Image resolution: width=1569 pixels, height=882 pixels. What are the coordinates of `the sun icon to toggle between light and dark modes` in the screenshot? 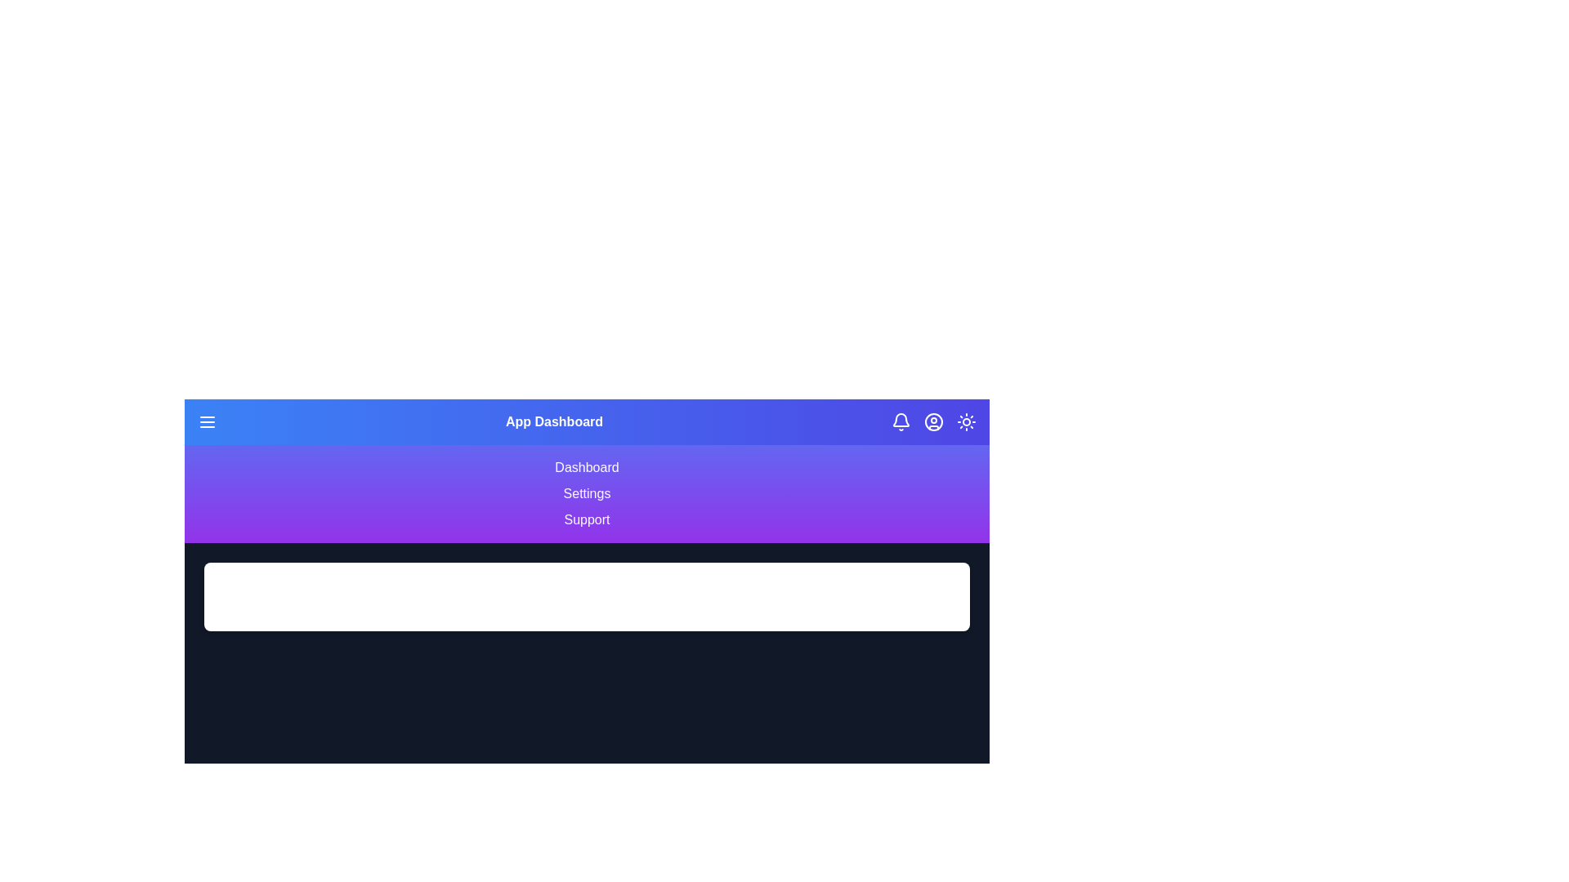 It's located at (966, 421).